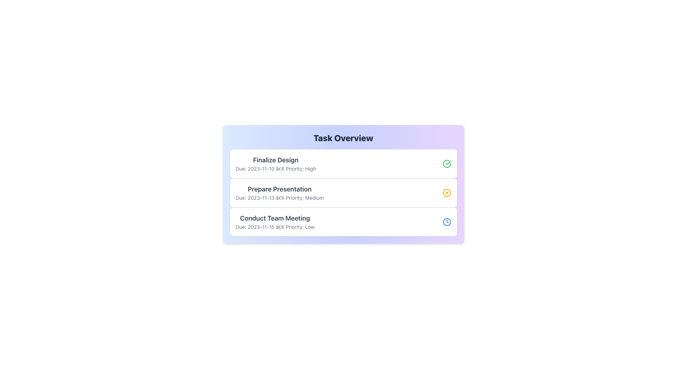 Image resolution: width=690 pixels, height=388 pixels. I want to click on the label displaying 'Due: 2023-11-10 • Priority: High', which is positioned below the main task title 'Finalize Design' in the task list, so click(275, 169).